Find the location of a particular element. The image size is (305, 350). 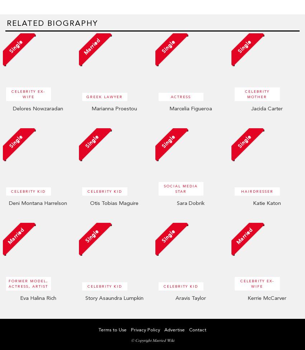

'Privacy Policy' is located at coordinates (145, 329).